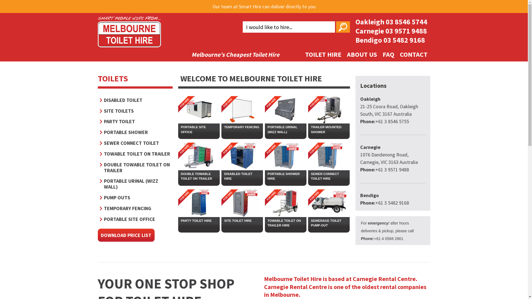  What do you see at coordinates (135, 111) in the screenshot?
I see `'SITE TOILETS'` at bounding box center [135, 111].